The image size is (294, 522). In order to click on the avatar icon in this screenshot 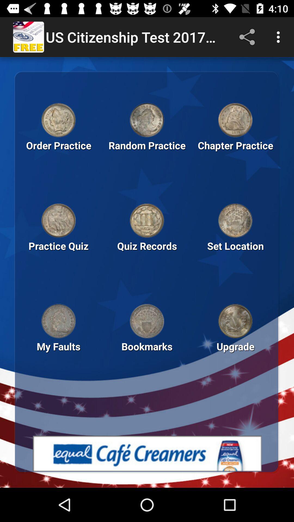, I will do `click(235, 220)`.